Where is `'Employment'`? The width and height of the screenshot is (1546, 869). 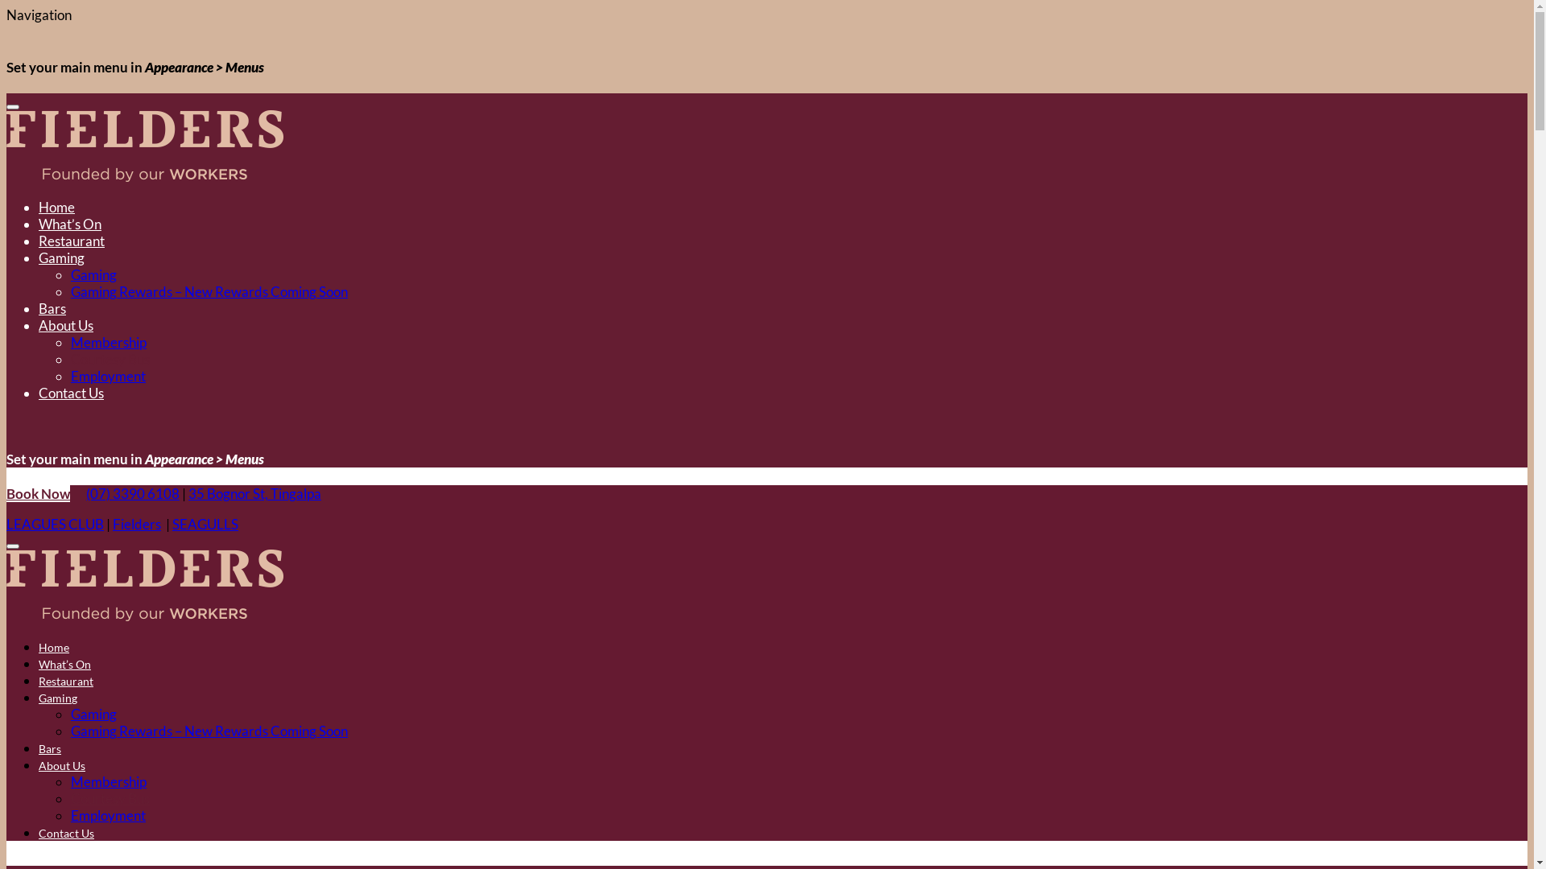 'Employment' is located at coordinates (107, 815).